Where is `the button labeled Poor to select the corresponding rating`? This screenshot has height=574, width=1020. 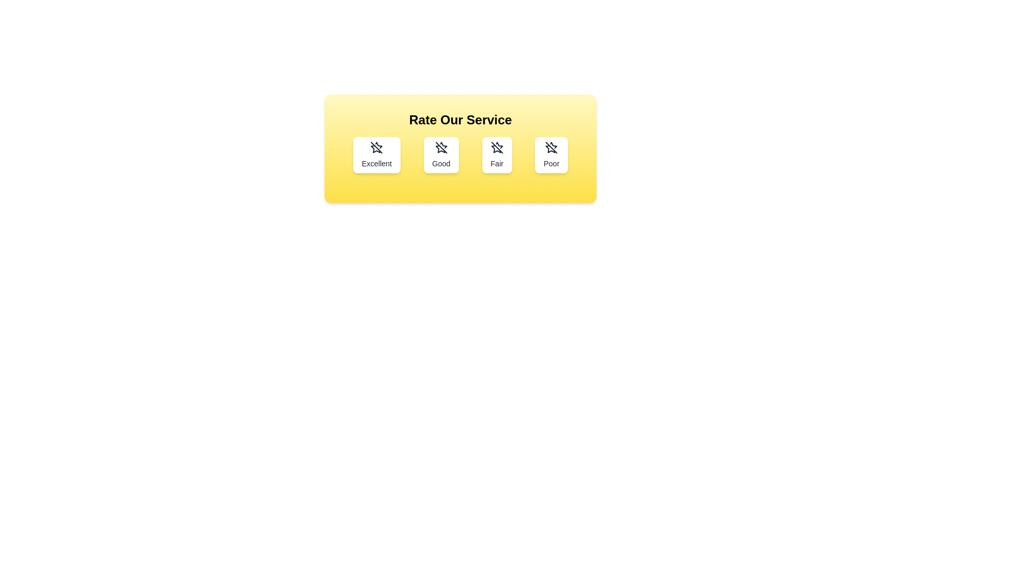 the button labeled Poor to select the corresponding rating is located at coordinates (551, 155).